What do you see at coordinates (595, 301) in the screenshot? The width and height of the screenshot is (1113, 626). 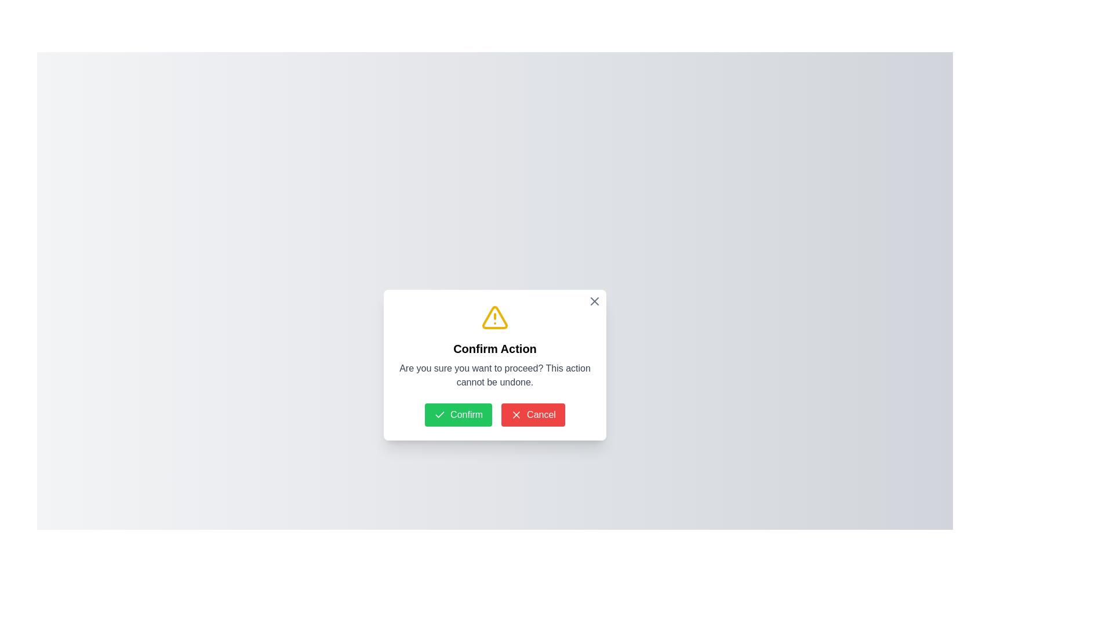 I see `the close button located at the top-right corner of the dialog box` at bounding box center [595, 301].